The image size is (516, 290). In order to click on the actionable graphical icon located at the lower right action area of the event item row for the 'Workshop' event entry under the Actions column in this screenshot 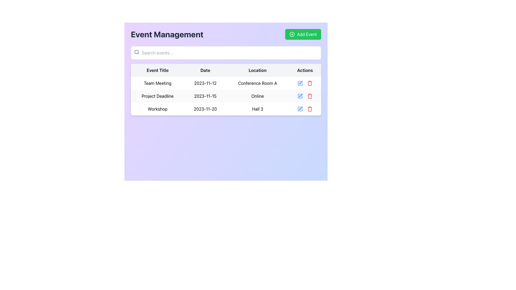, I will do `click(300, 109)`.